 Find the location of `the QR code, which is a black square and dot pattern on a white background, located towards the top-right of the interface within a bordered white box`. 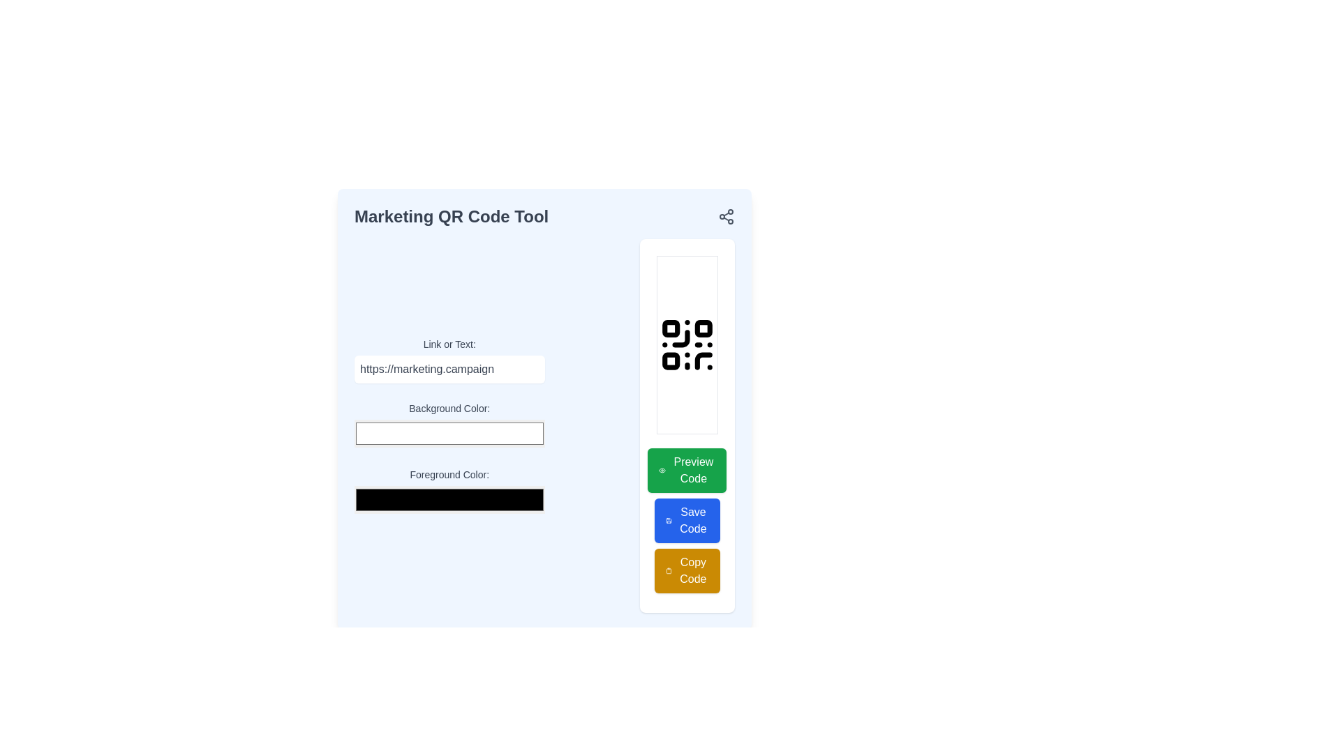

the QR code, which is a black square and dot pattern on a white background, located towards the top-right of the interface within a bordered white box is located at coordinates (687, 344).